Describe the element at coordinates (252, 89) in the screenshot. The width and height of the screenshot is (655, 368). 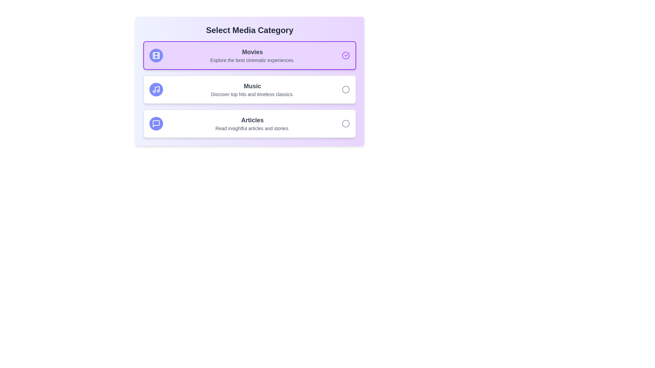
I see `the text block describing the 'Music' category, which is centrally located within the middle option of three horizontally aligned selection choices, styled as a card with a white background and rounded corners` at that location.